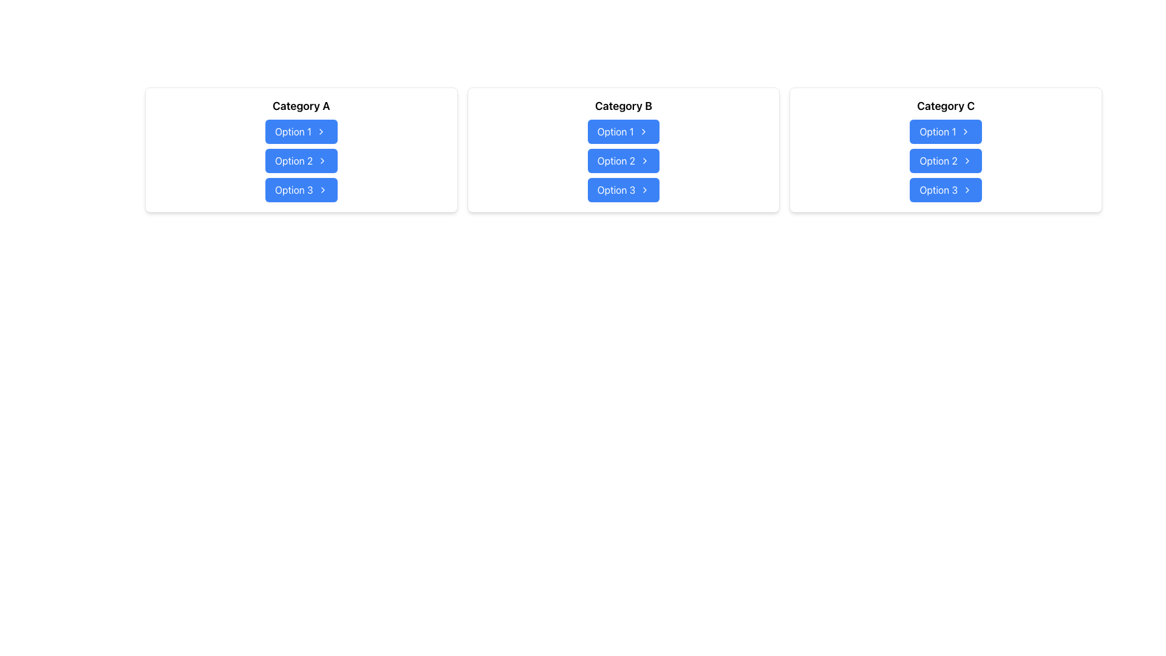  What do you see at coordinates (945, 149) in the screenshot?
I see `the second option button labeled 'Option 2' in the vertically-aligned button group under the 'Category C' header` at bounding box center [945, 149].